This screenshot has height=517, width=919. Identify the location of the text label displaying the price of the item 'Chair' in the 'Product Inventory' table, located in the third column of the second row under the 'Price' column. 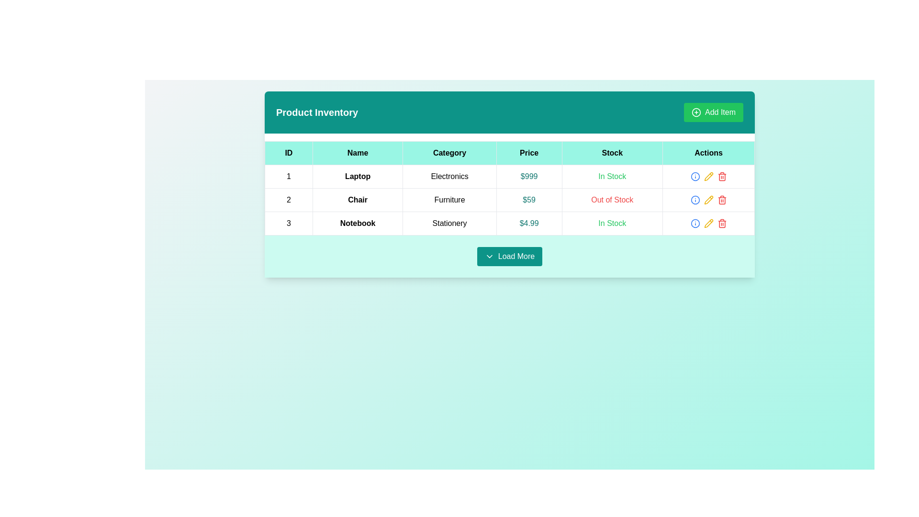
(528, 199).